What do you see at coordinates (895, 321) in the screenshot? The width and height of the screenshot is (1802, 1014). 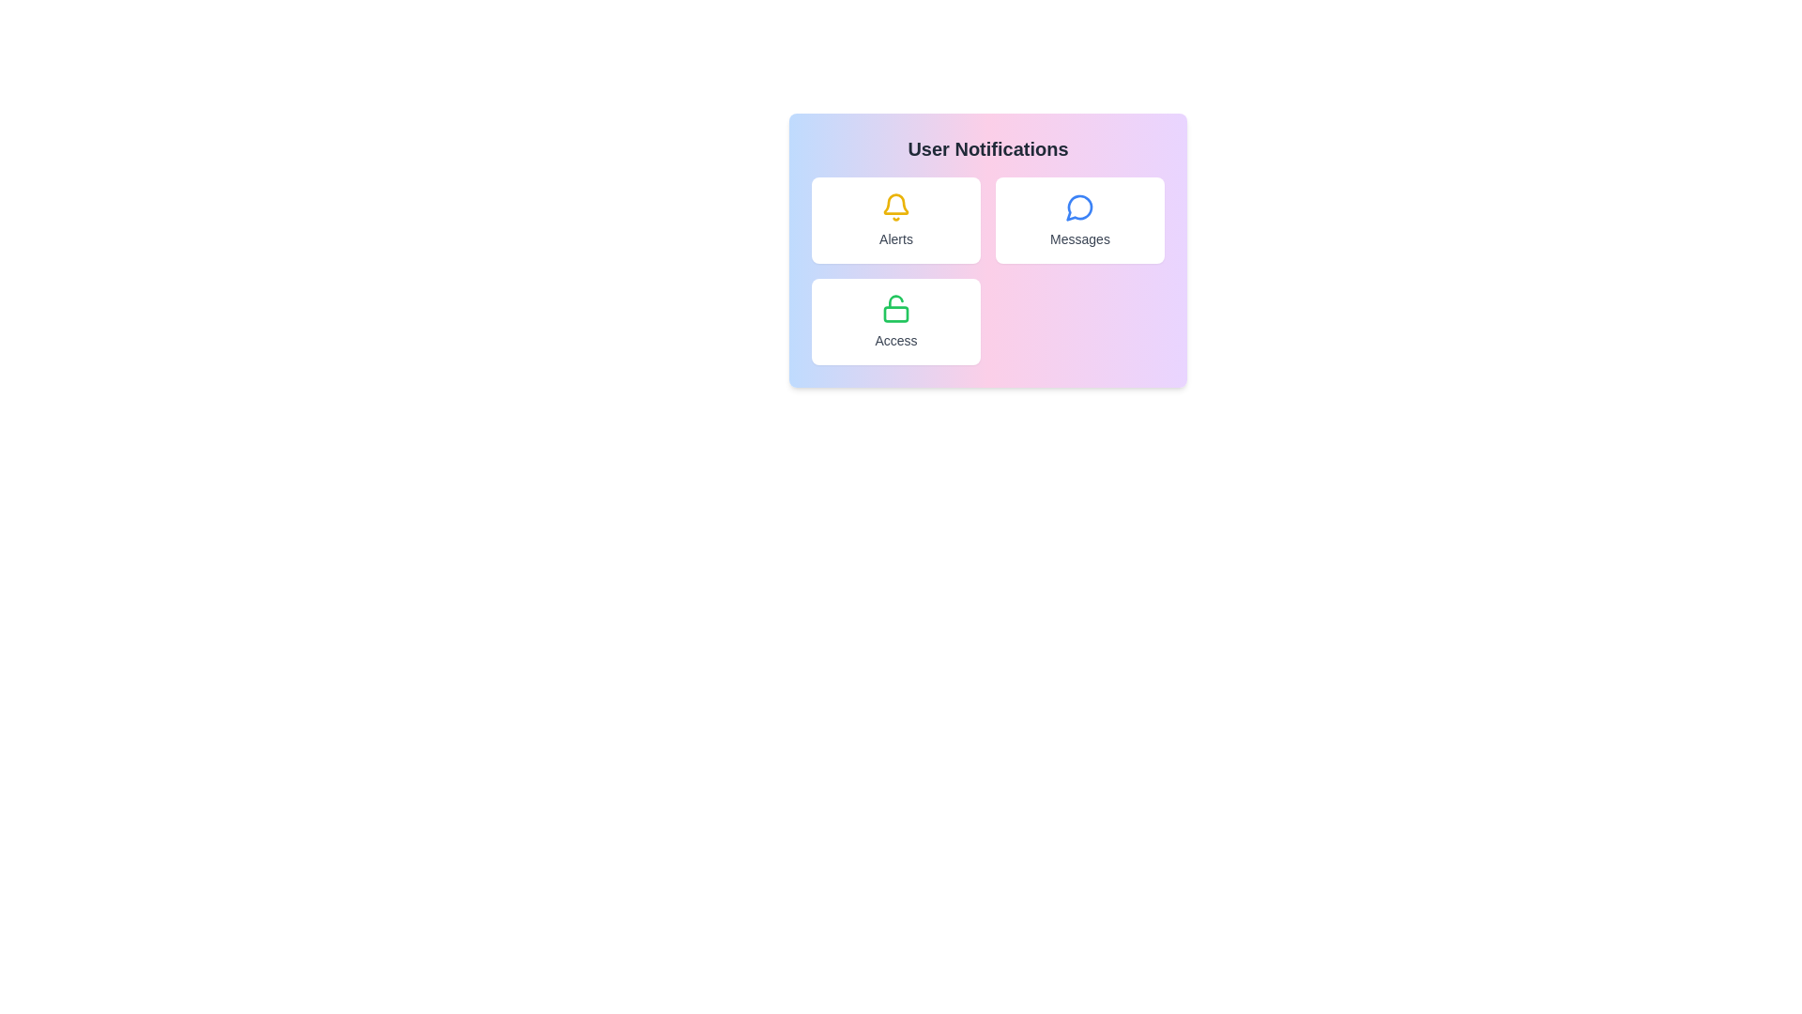 I see `the button in the lower-left cell of the grid layout` at bounding box center [895, 321].